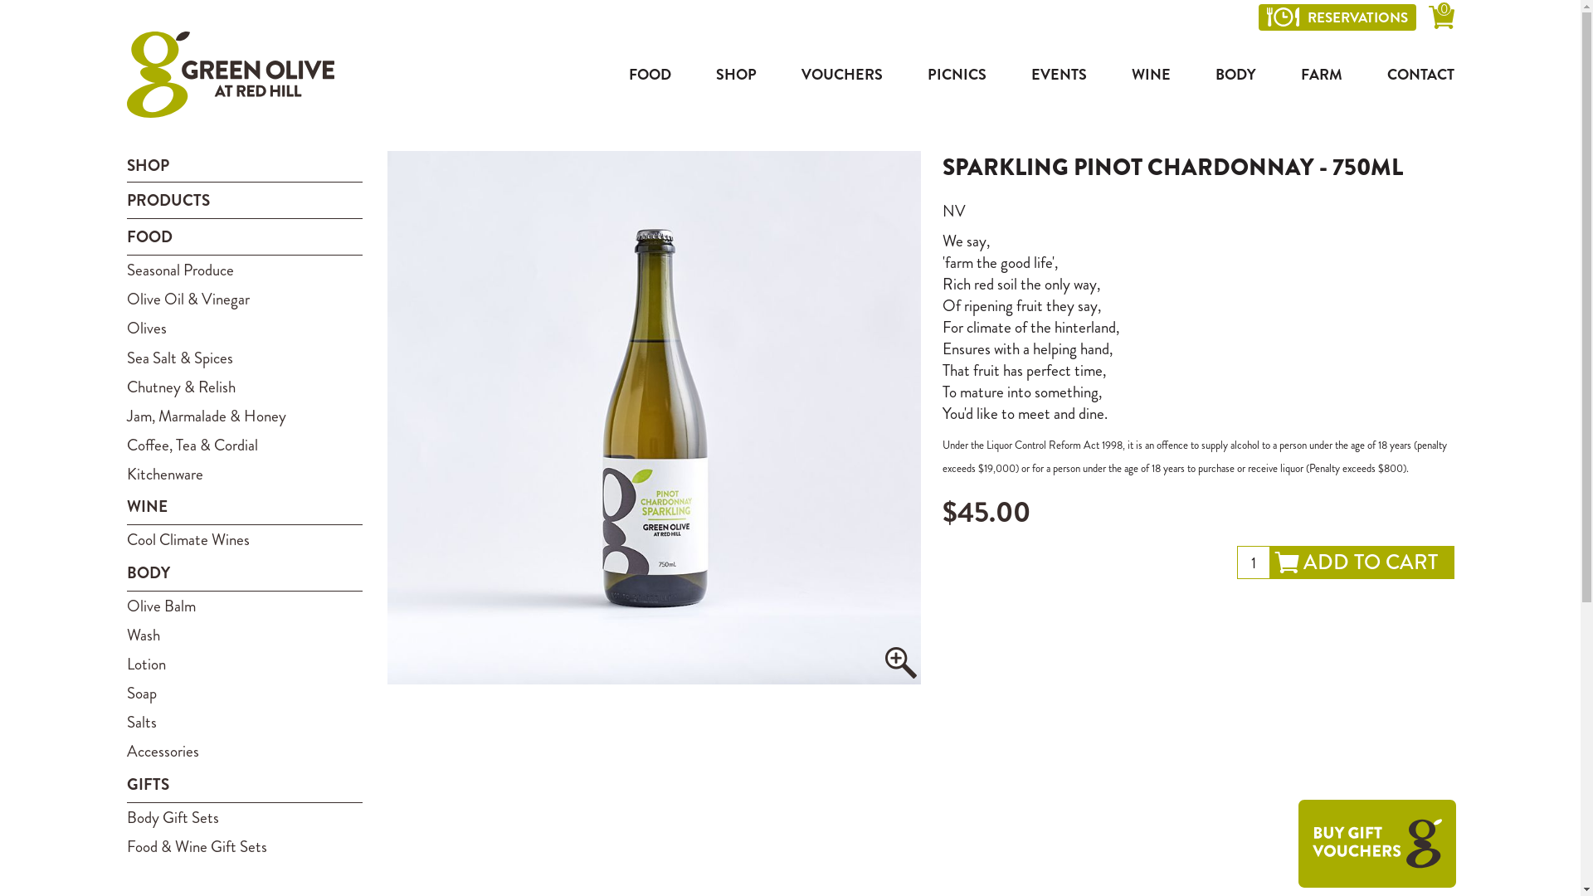 The height and width of the screenshot is (896, 1593). What do you see at coordinates (1150, 73) in the screenshot?
I see `'WINE'` at bounding box center [1150, 73].